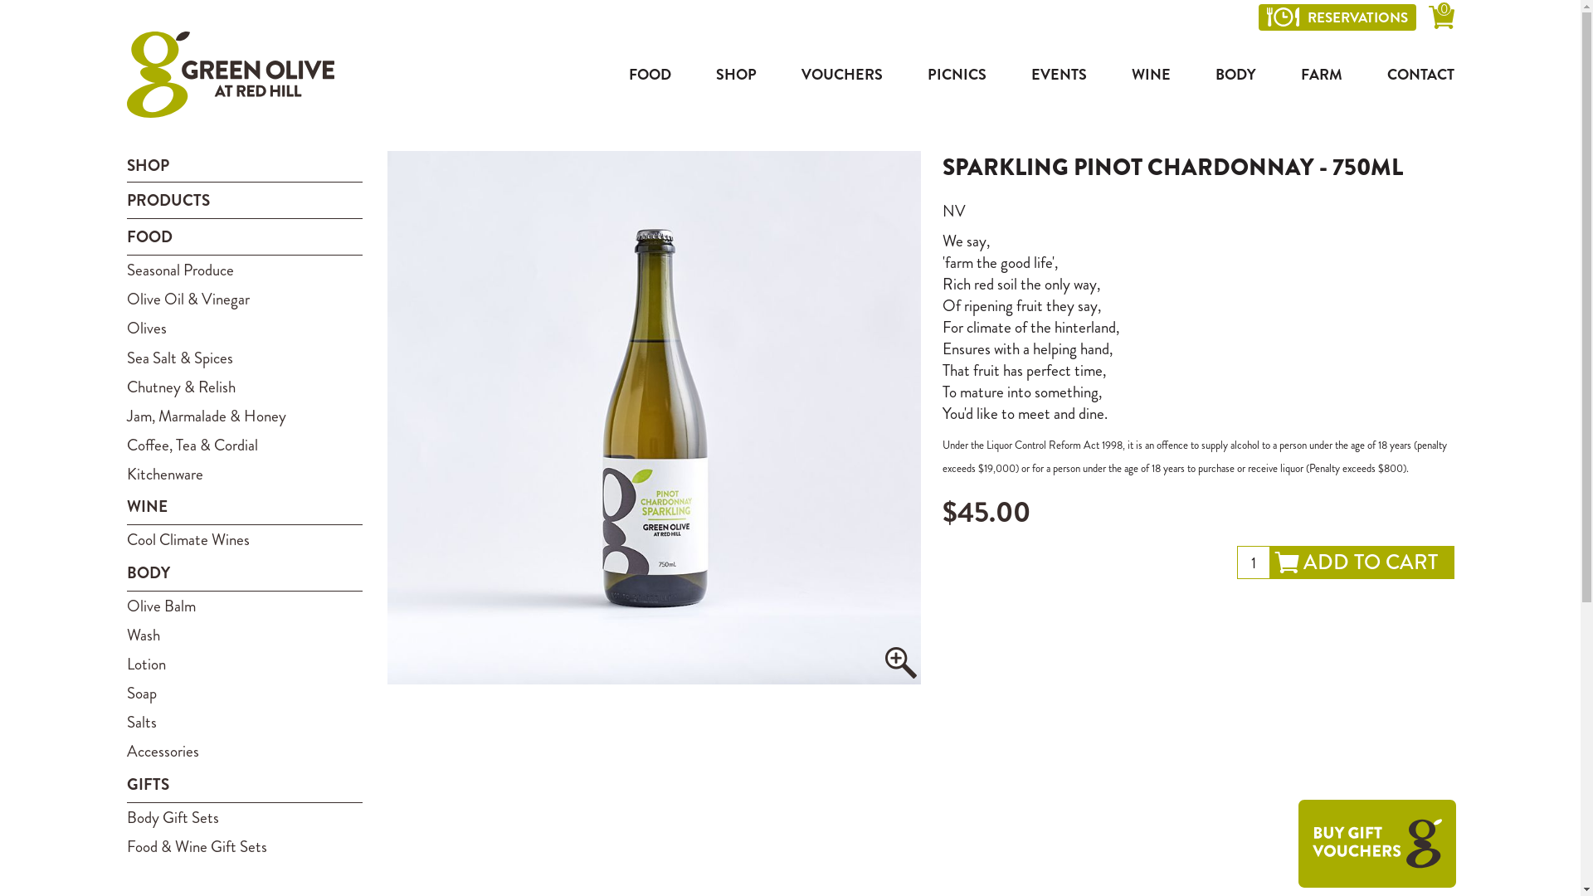 The height and width of the screenshot is (896, 1593). What do you see at coordinates (1150, 73) in the screenshot?
I see `'WINE'` at bounding box center [1150, 73].